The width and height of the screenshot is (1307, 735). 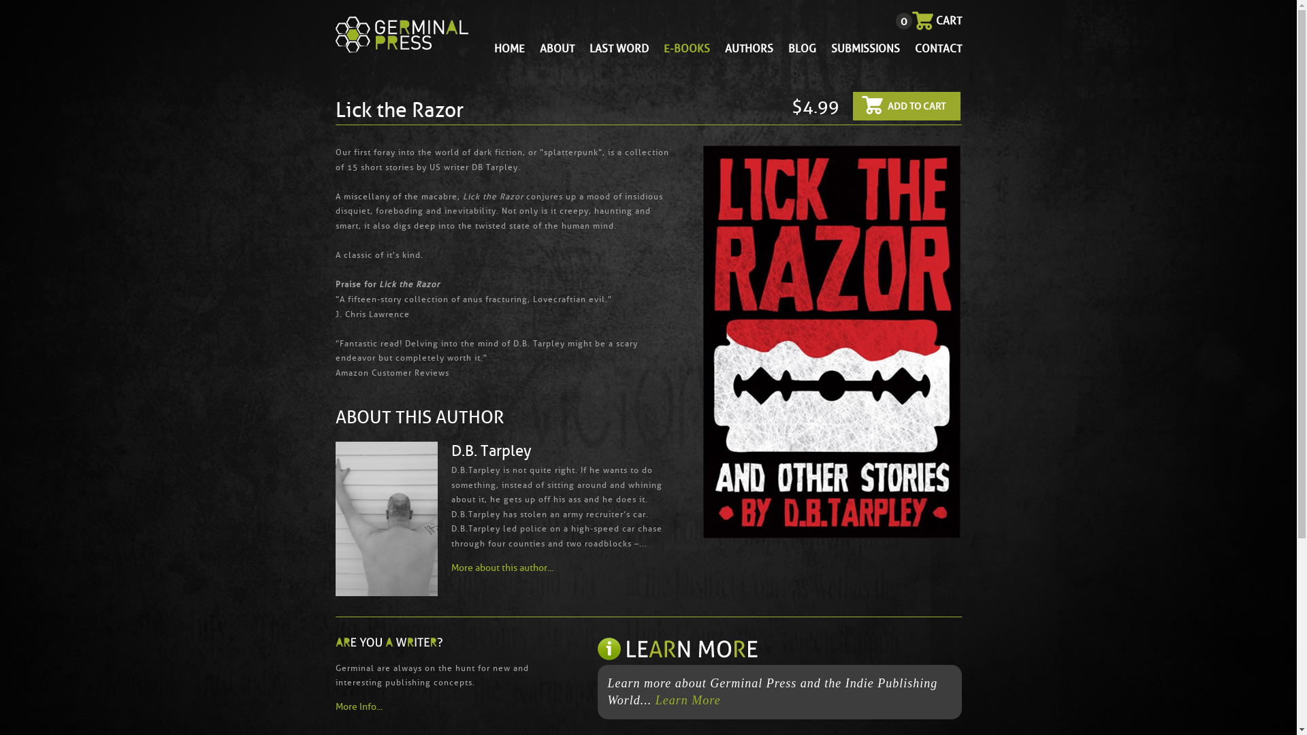 I want to click on 'ABOUT', so click(x=556, y=48).